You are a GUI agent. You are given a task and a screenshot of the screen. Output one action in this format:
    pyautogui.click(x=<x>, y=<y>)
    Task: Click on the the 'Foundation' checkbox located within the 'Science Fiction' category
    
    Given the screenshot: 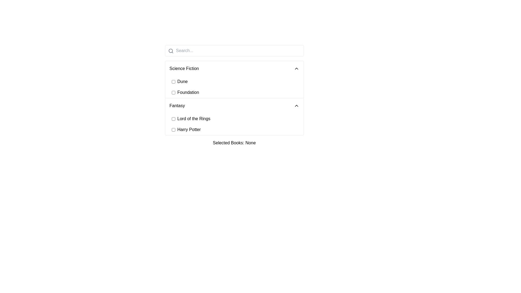 What is the action you would take?
    pyautogui.click(x=237, y=92)
    